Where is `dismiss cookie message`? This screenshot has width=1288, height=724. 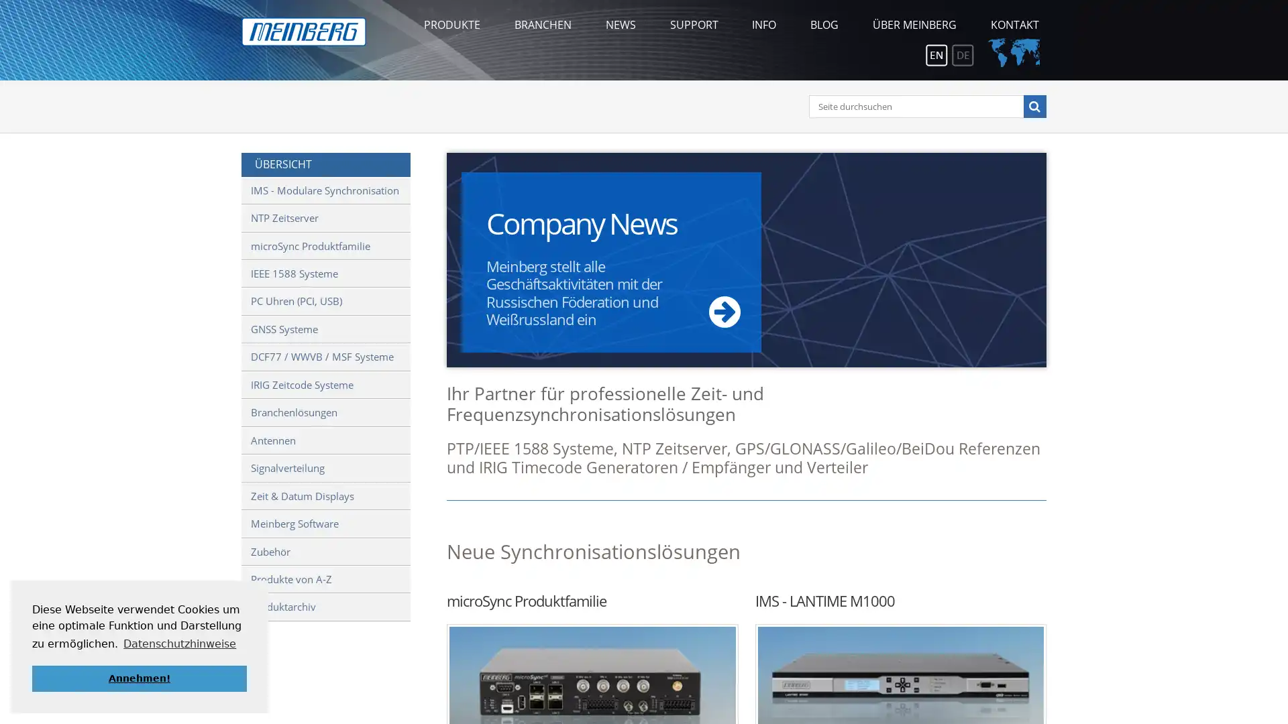 dismiss cookie message is located at coordinates (139, 678).